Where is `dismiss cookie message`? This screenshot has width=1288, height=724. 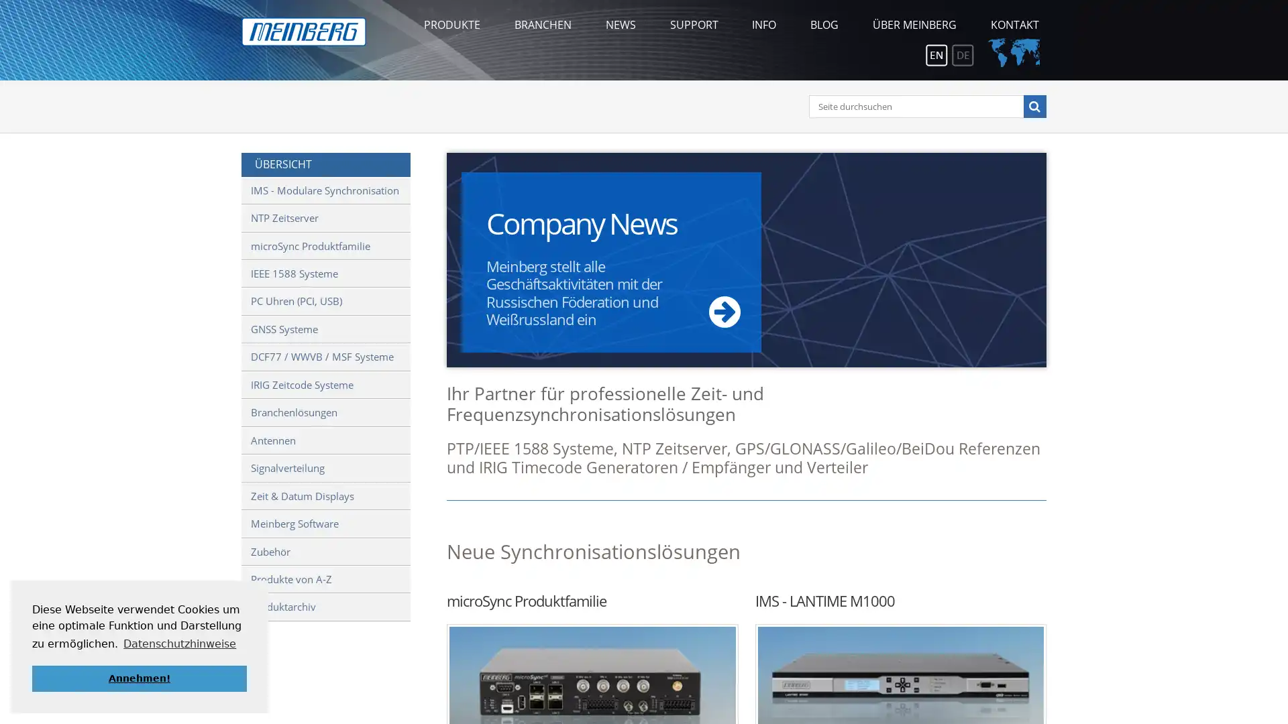 dismiss cookie message is located at coordinates (139, 678).